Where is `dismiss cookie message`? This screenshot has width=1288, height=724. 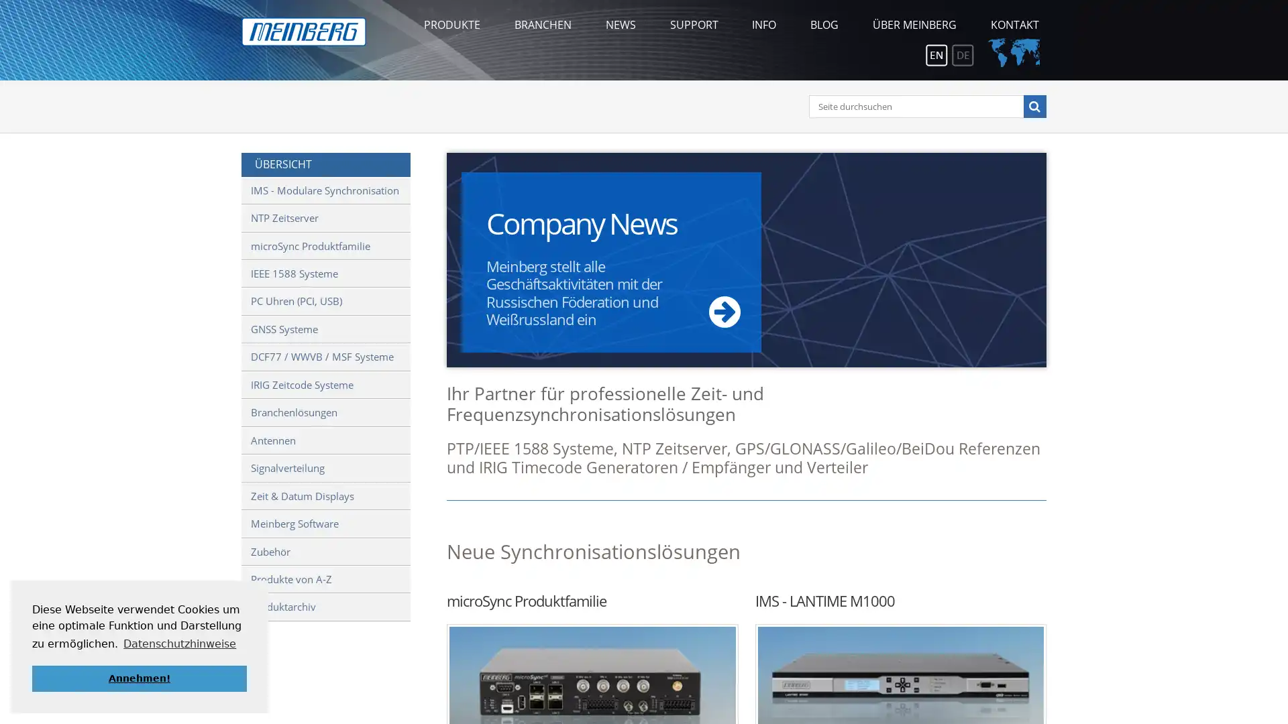 dismiss cookie message is located at coordinates (139, 678).